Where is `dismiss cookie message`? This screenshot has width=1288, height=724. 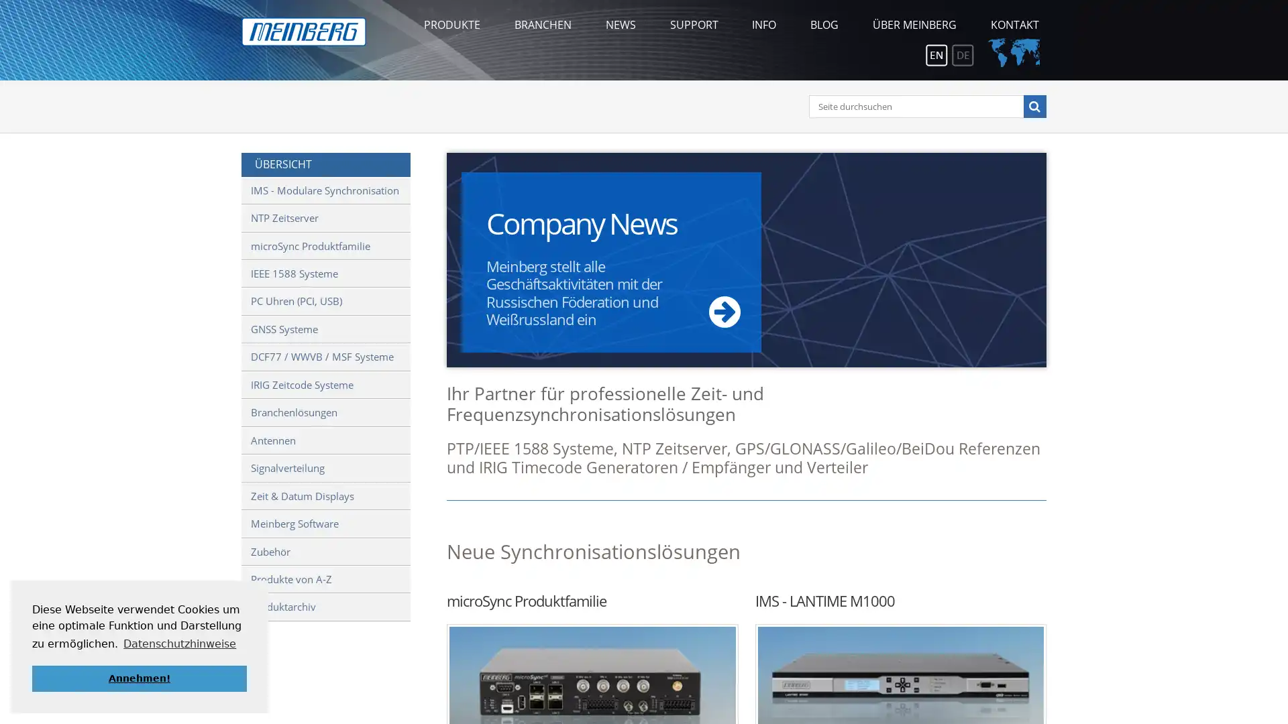 dismiss cookie message is located at coordinates (139, 678).